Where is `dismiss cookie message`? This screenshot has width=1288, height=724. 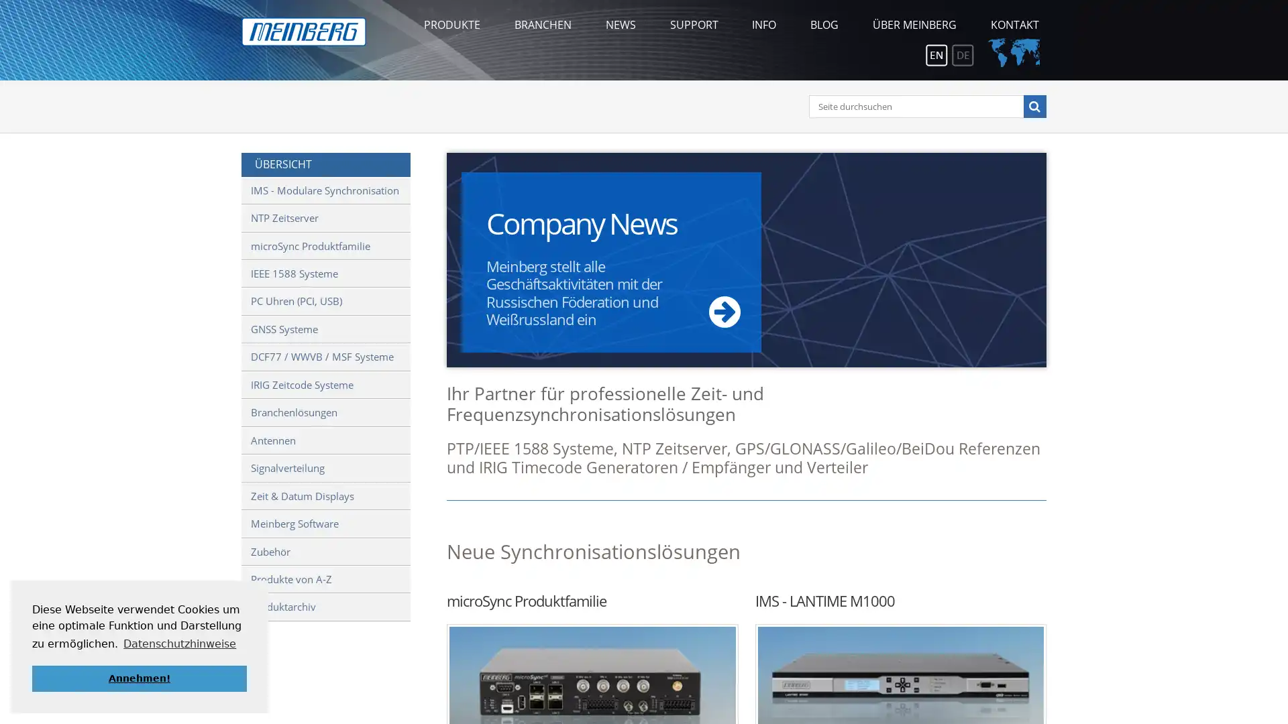 dismiss cookie message is located at coordinates (139, 678).